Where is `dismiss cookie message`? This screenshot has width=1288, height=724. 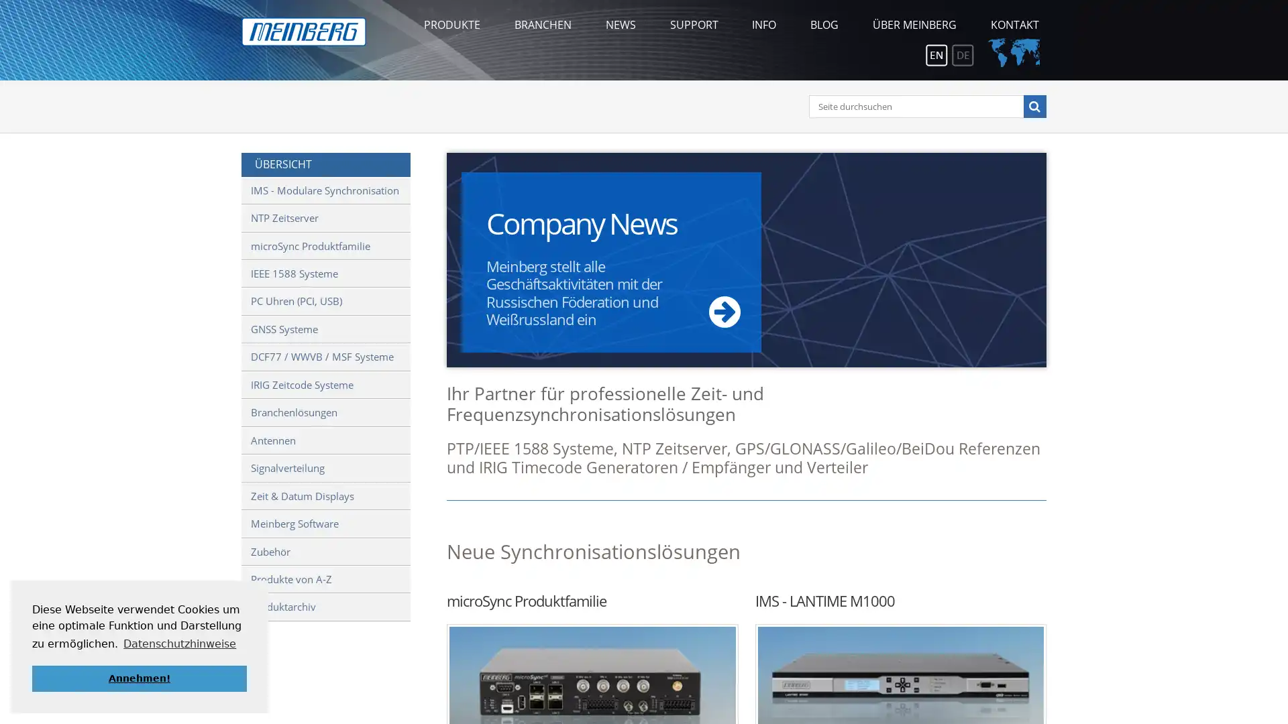 dismiss cookie message is located at coordinates (139, 678).